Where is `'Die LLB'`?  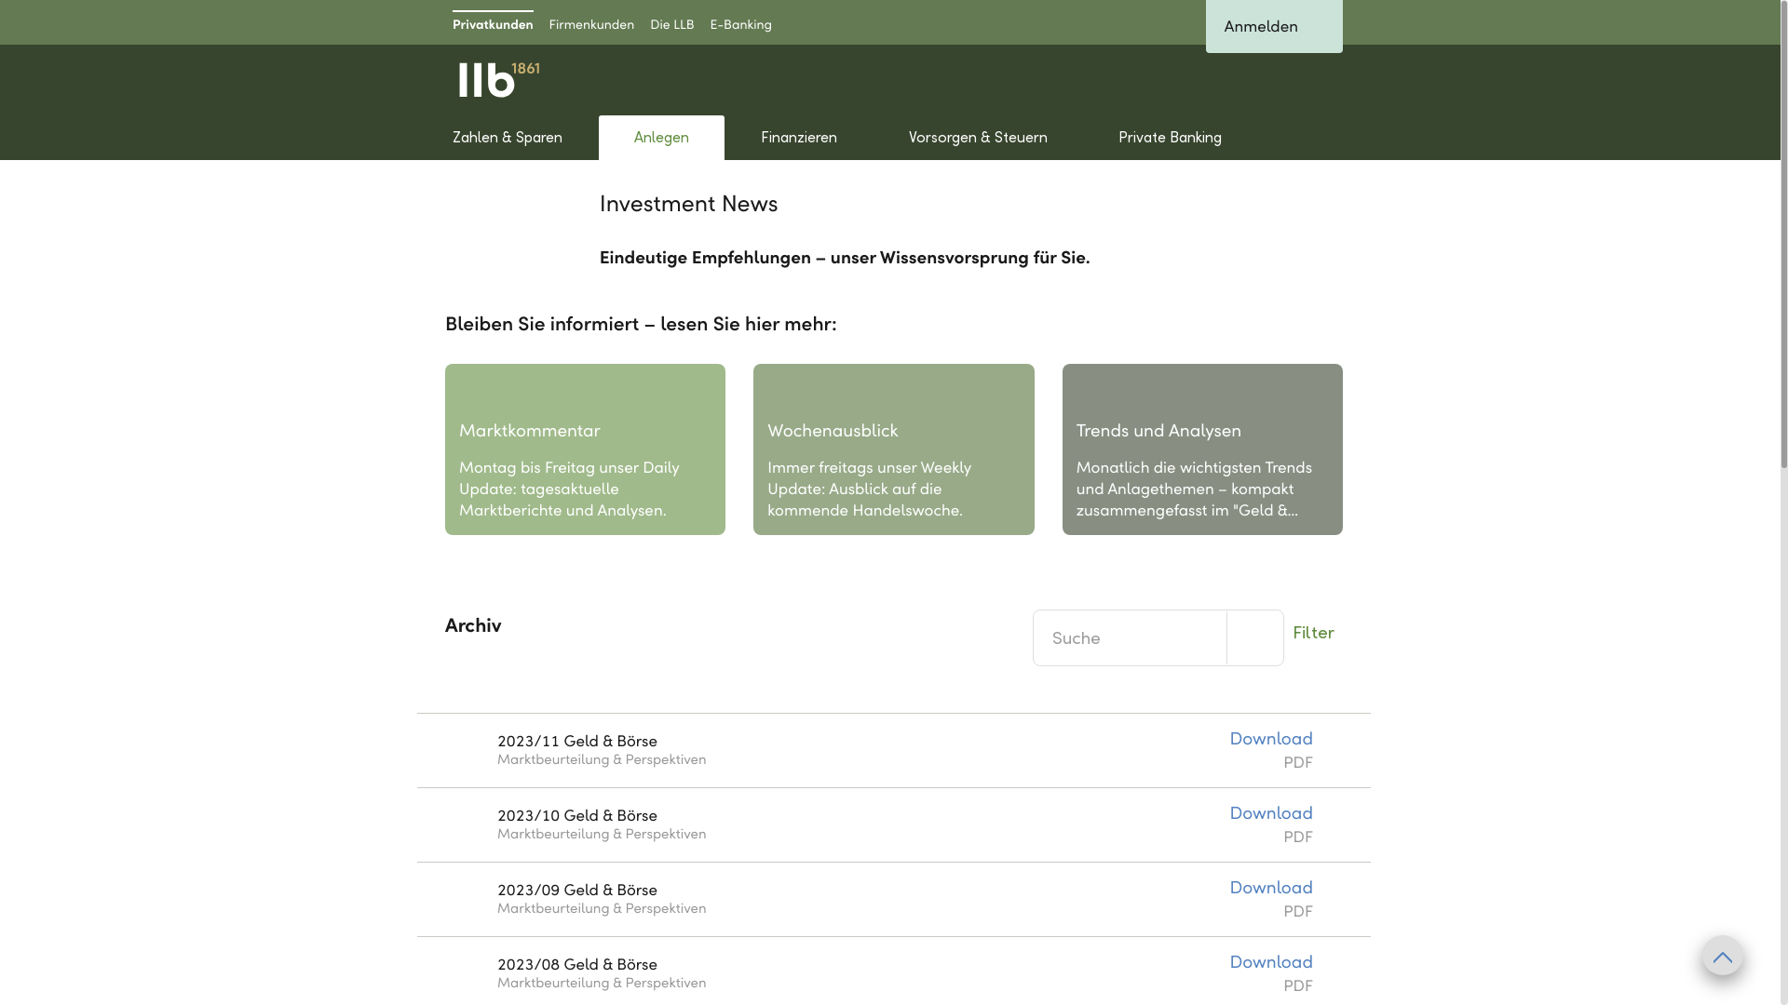 'Die LLB' is located at coordinates (670, 21).